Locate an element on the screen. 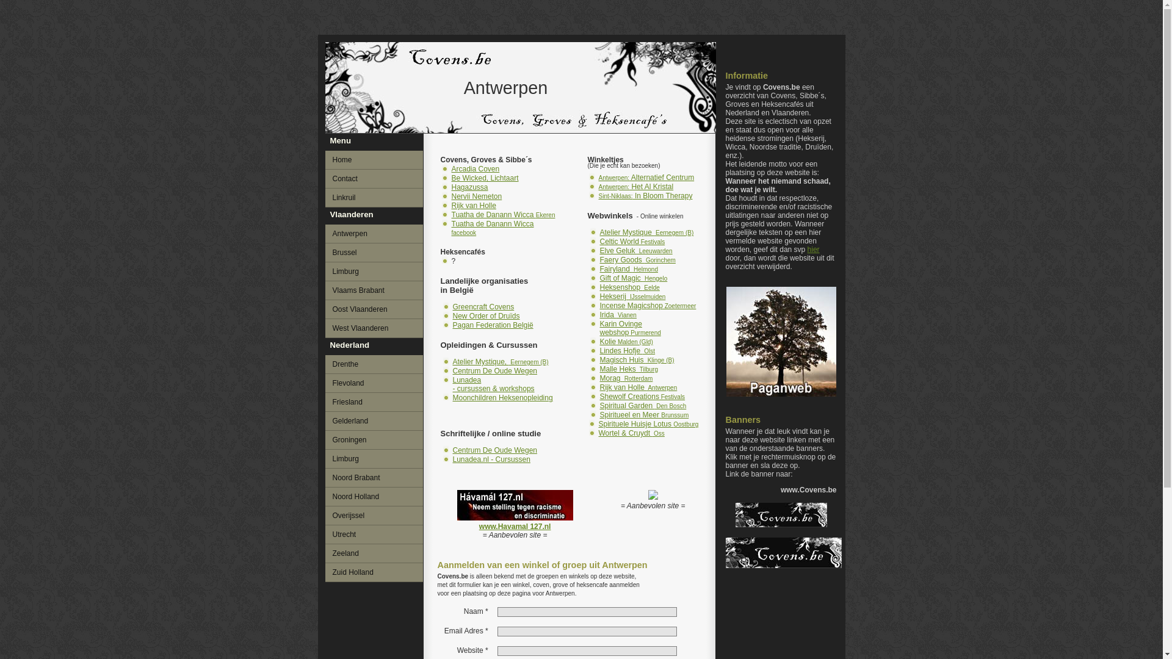  'Karin Ovinge webshop Purmerend' is located at coordinates (630, 327).